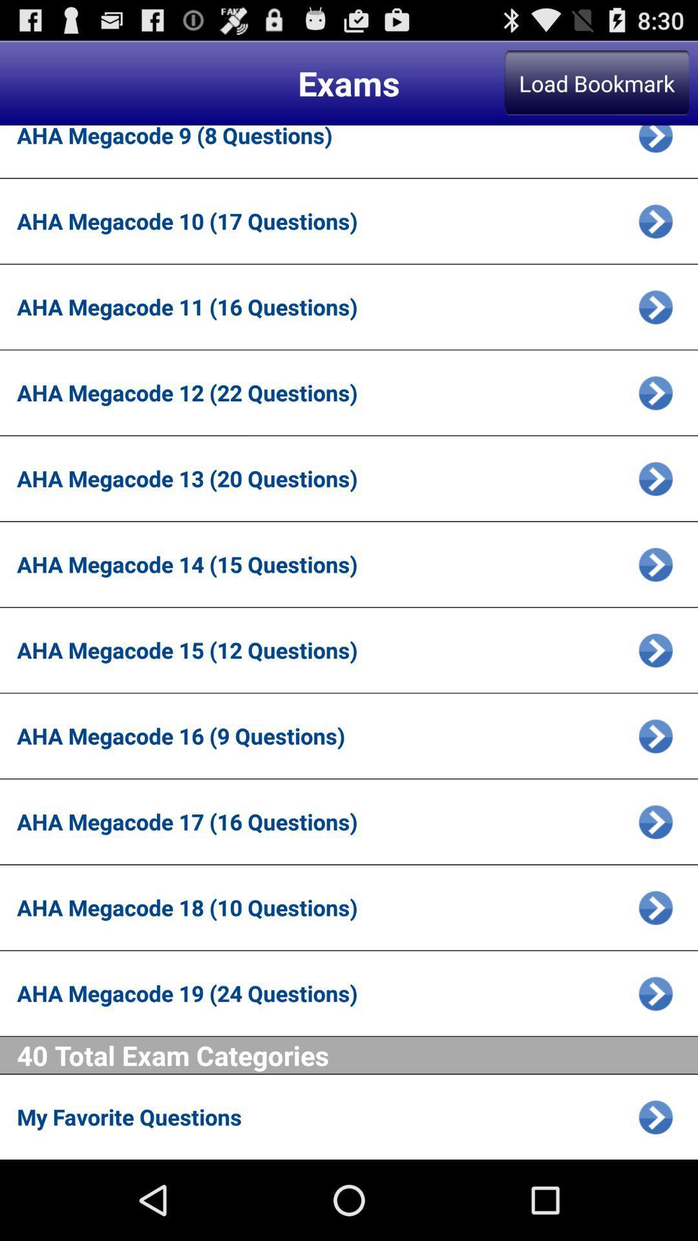  Describe the element at coordinates (655, 564) in the screenshot. I see `megacode 14` at that location.